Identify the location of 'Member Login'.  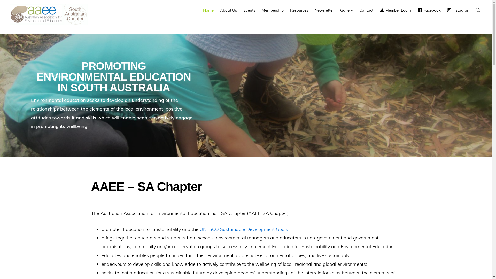
(395, 10).